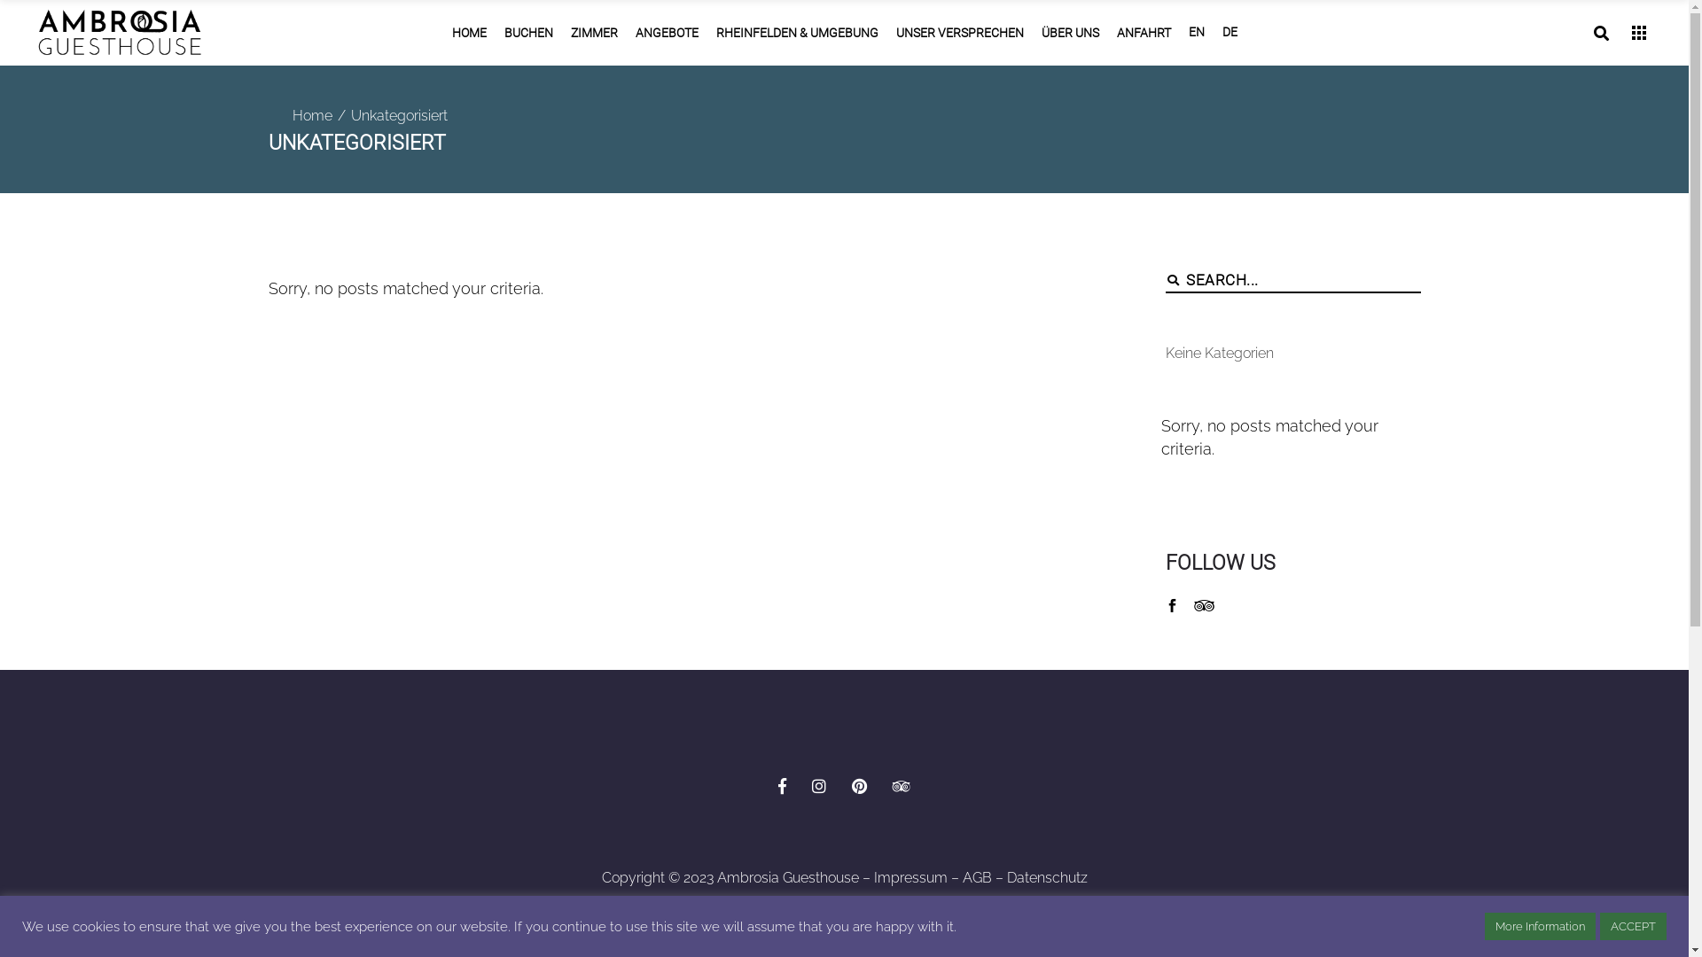  What do you see at coordinates (957, 33) in the screenshot?
I see `'UNSER VERSPRECHEN'` at bounding box center [957, 33].